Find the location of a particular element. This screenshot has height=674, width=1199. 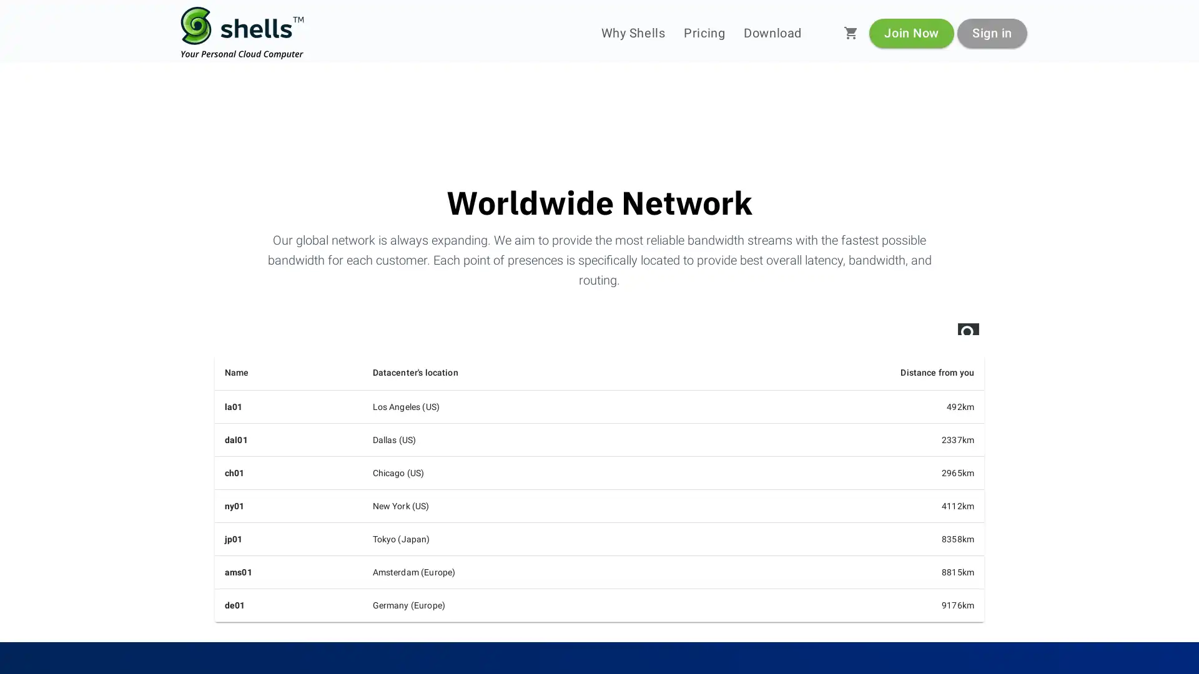

Join Now is located at coordinates (911, 32).